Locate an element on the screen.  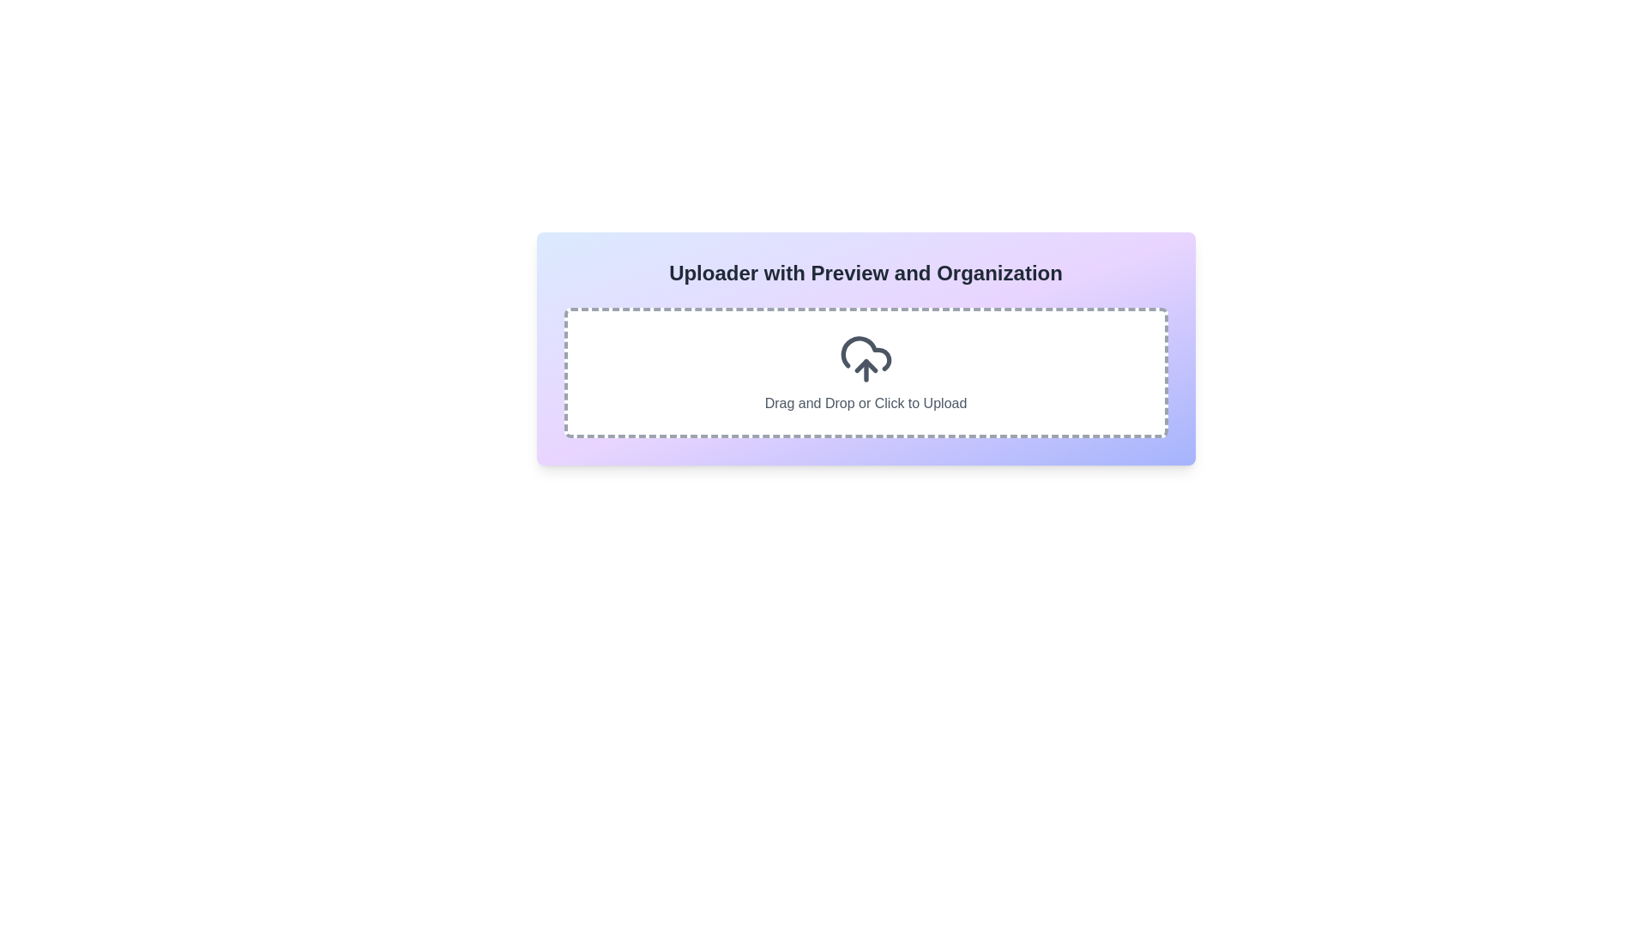
the Drag-and-drop file upload zone, which features a cloud icon with an upward arrow and the text 'Drag and Drop or Click to Upload' is located at coordinates (866, 370).